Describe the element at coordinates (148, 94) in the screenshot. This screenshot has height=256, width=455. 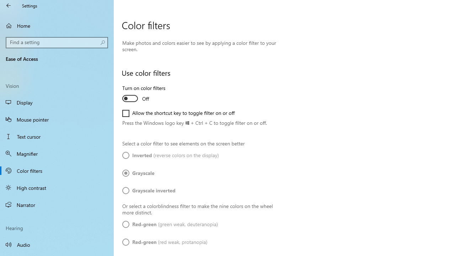
I see `'Turn on color filters'` at that location.